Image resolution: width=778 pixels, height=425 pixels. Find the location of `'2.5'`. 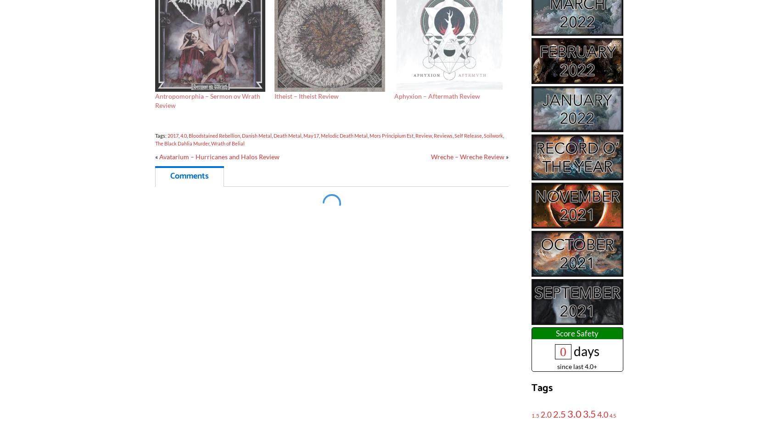

'2.5' is located at coordinates (552, 413).